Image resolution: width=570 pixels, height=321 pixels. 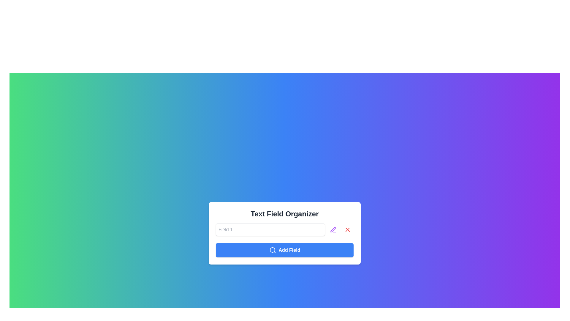 What do you see at coordinates (333, 229) in the screenshot?
I see `the purple-colored pen-shaped icon located in the top-right area of the input box labeled 'Field 1'` at bounding box center [333, 229].